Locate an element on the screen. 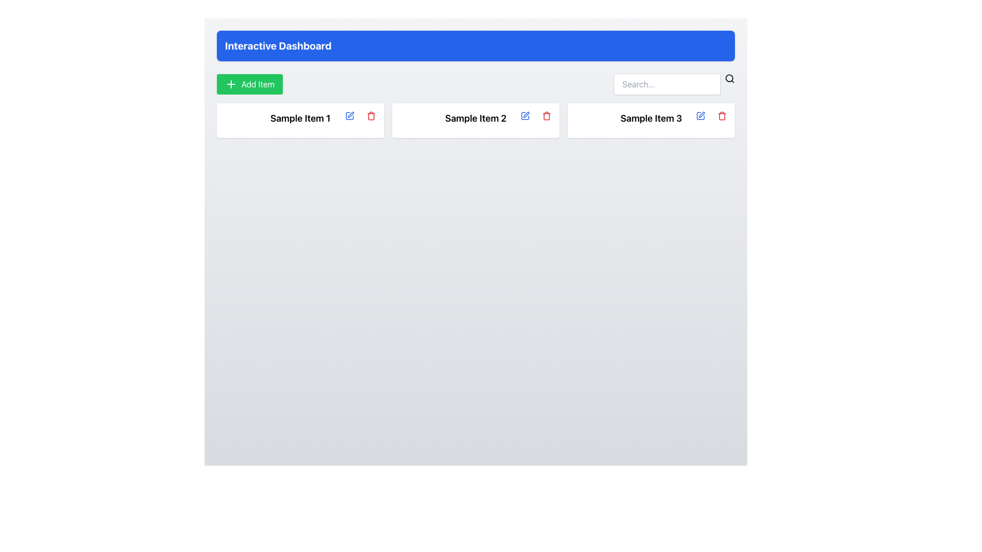 Image resolution: width=982 pixels, height=552 pixels. the blue pen icon button associated with 'Sample Item 3' is located at coordinates (700, 116).